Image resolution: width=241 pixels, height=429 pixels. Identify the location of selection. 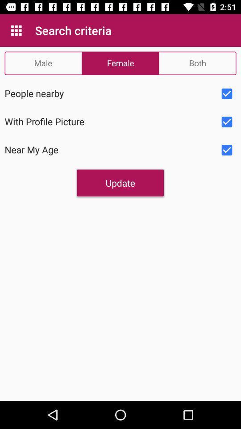
(227, 150).